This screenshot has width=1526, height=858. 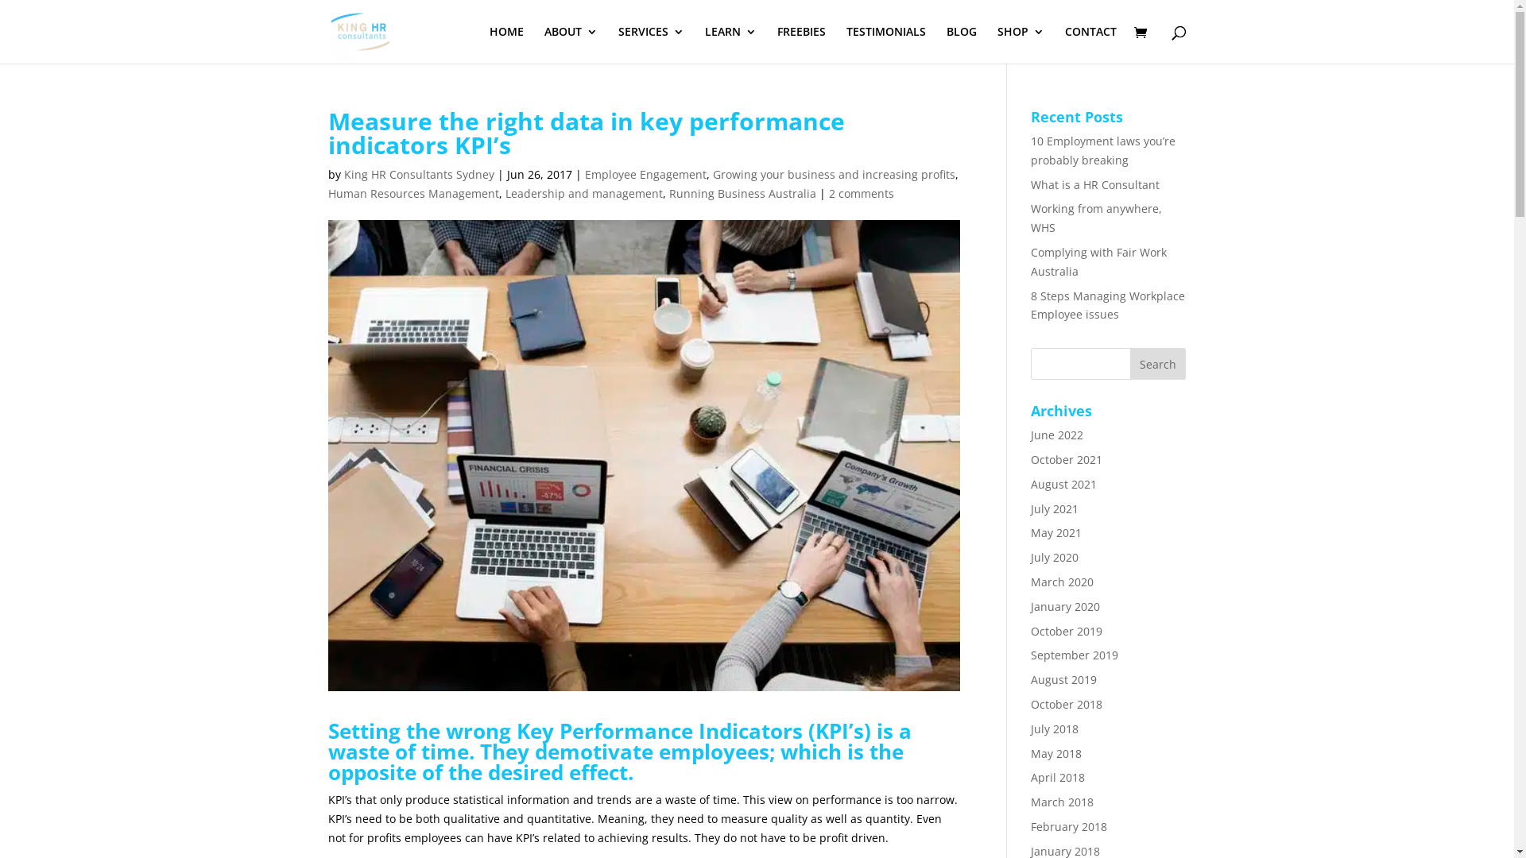 I want to click on 'SERVICES', so click(x=651, y=44).